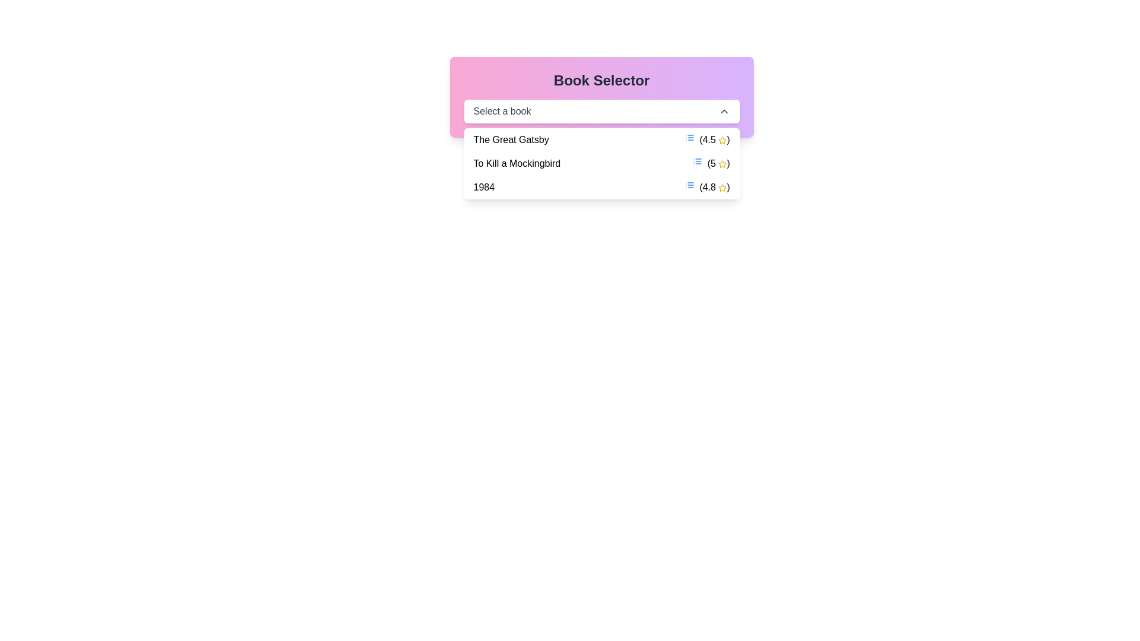  I want to click on the dropdown menu located directly below the 'Book Selector' title, so click(601, 112).